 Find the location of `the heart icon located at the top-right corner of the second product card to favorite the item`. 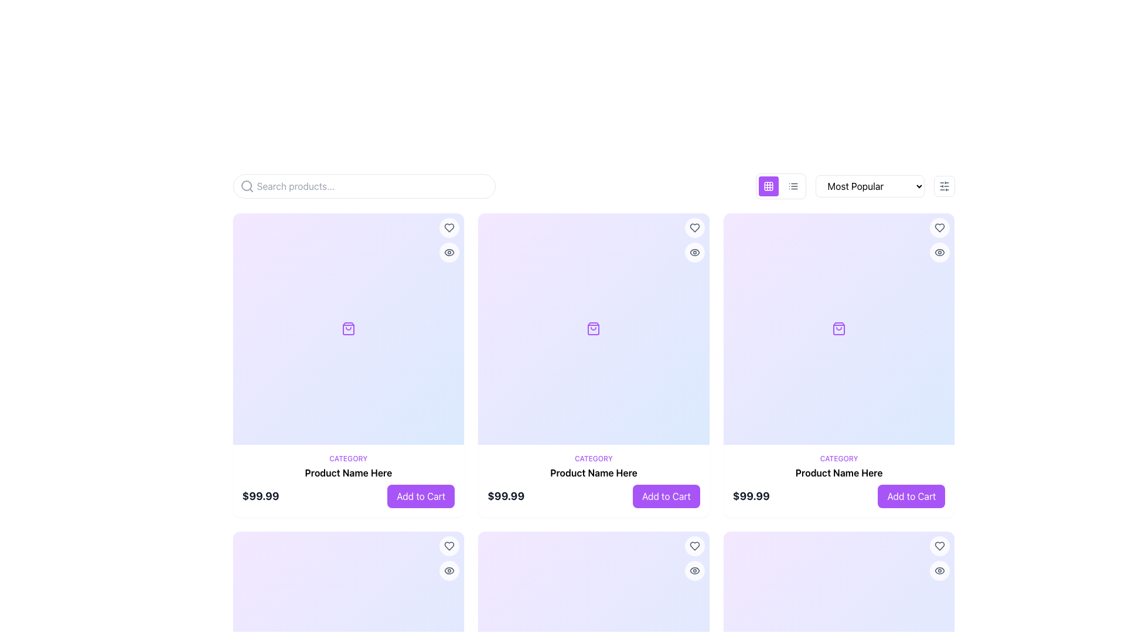

the heart icon located at the top-right corner of the second product card to favorite the item is located at coordinates (694, 228).